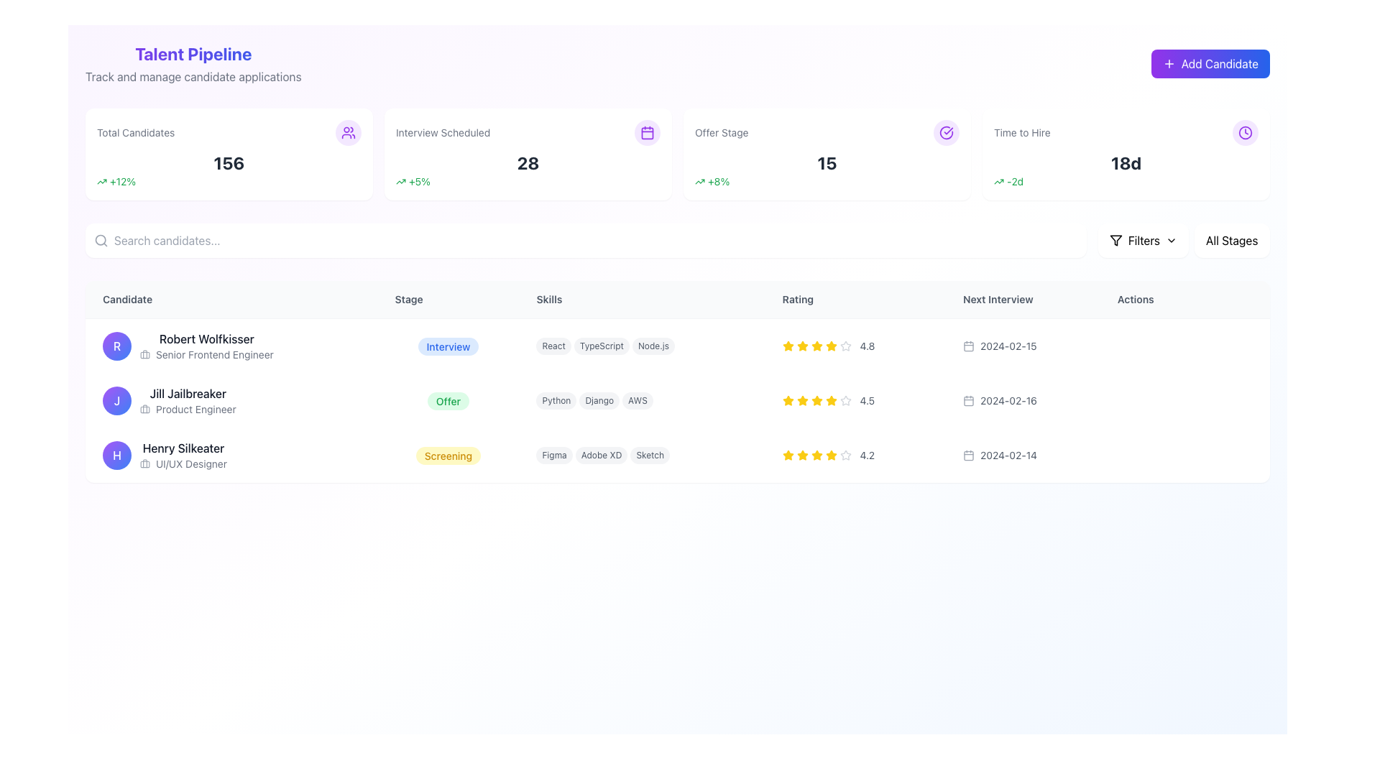 This screenshot has width=1380, height=776. I want to click on static text label displaying the time duration '18 days' under the 'Time to Hire' title in the top-right section of the interface, so click(1125, 162).